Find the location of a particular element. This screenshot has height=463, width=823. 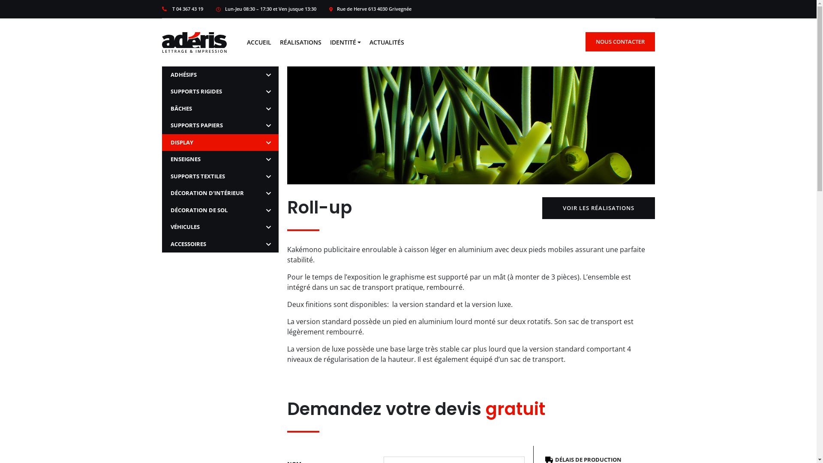

'NOUS CONTACTER' is located at coordinates (585, 41).